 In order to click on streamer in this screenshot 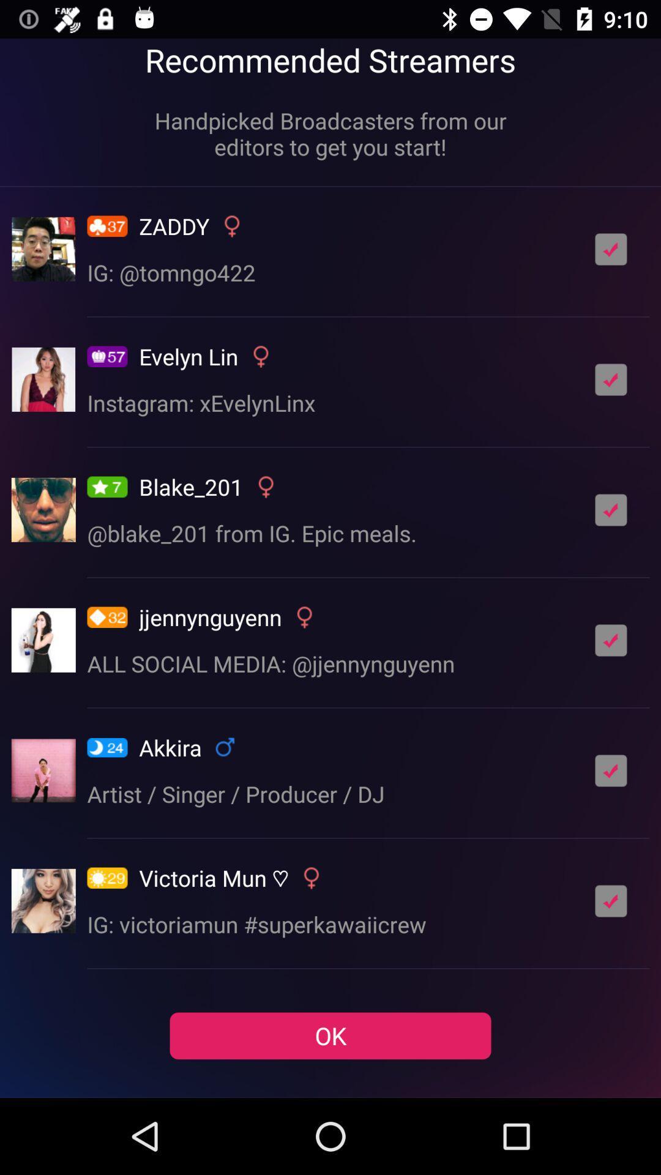, I will do `click(611, 640)`.